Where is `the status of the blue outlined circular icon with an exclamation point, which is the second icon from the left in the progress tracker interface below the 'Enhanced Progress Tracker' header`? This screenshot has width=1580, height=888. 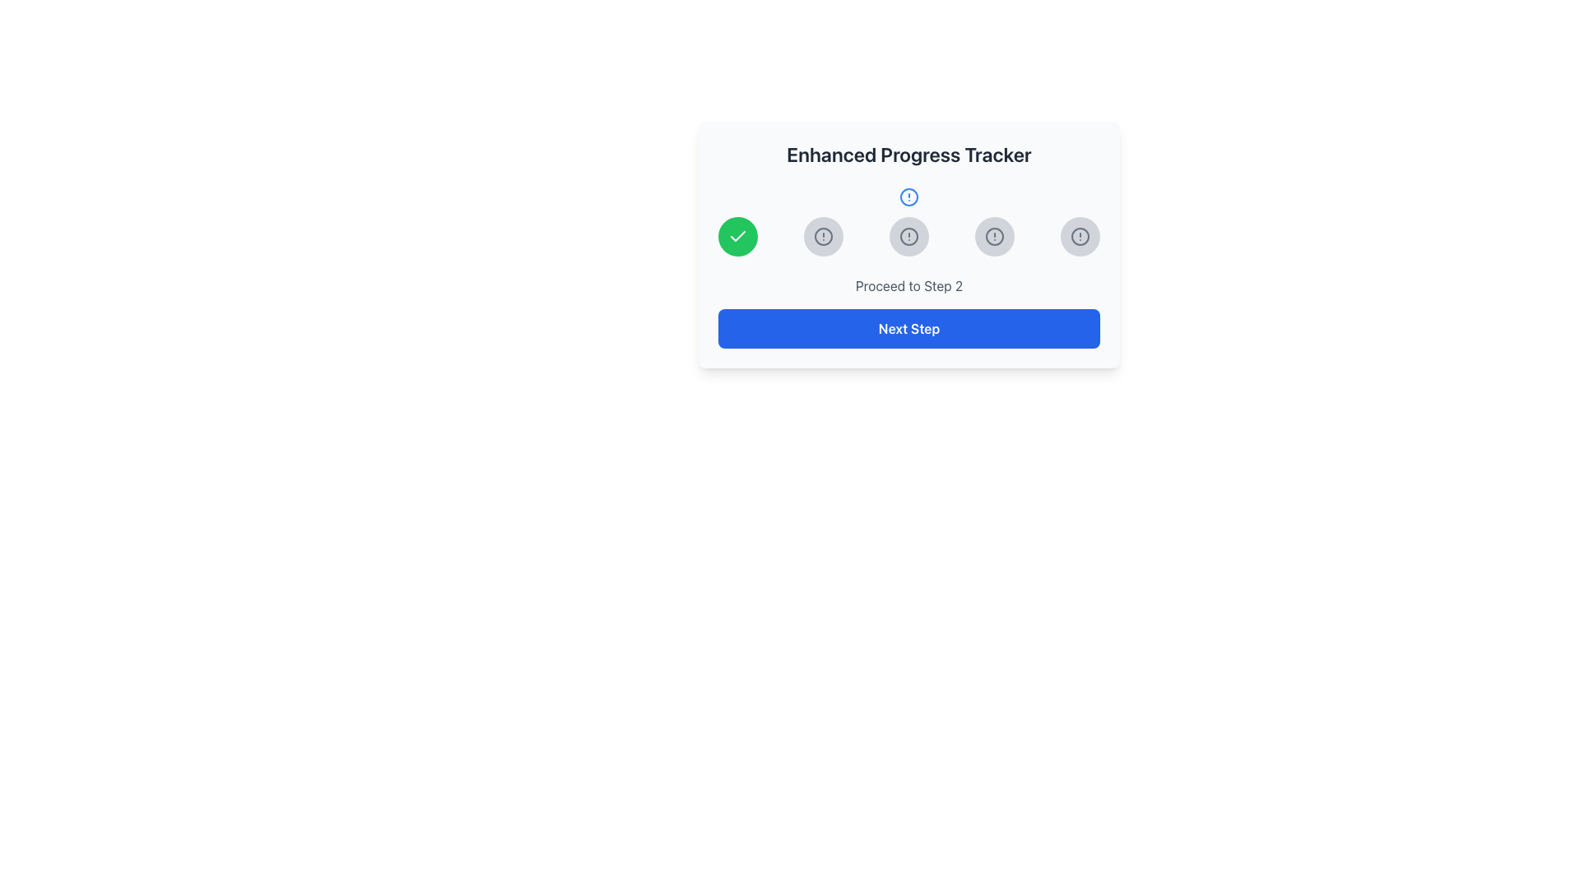
the status of the blue outlined circular icon with an exclamation point, which is the second icon from the left in the progress tracker interface below the 'Enhanced Progress Tracker' header is located at coordinates (908, 196).